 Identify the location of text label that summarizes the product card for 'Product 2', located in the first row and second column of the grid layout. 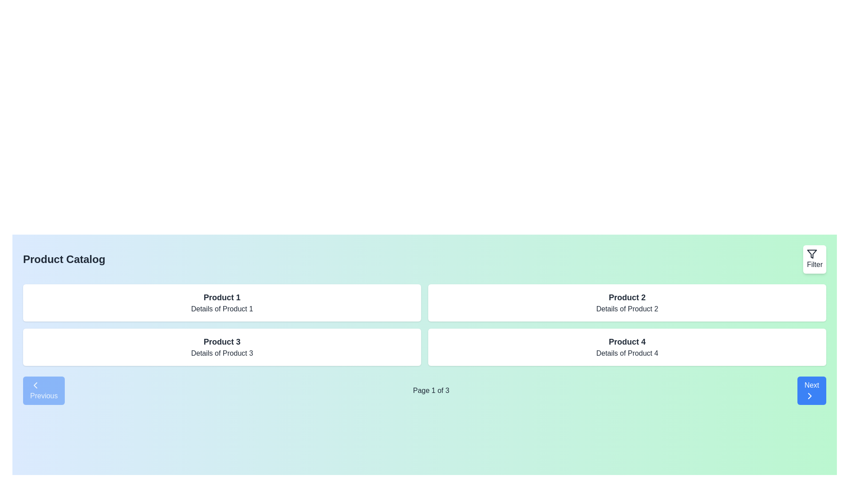
(627, 298).